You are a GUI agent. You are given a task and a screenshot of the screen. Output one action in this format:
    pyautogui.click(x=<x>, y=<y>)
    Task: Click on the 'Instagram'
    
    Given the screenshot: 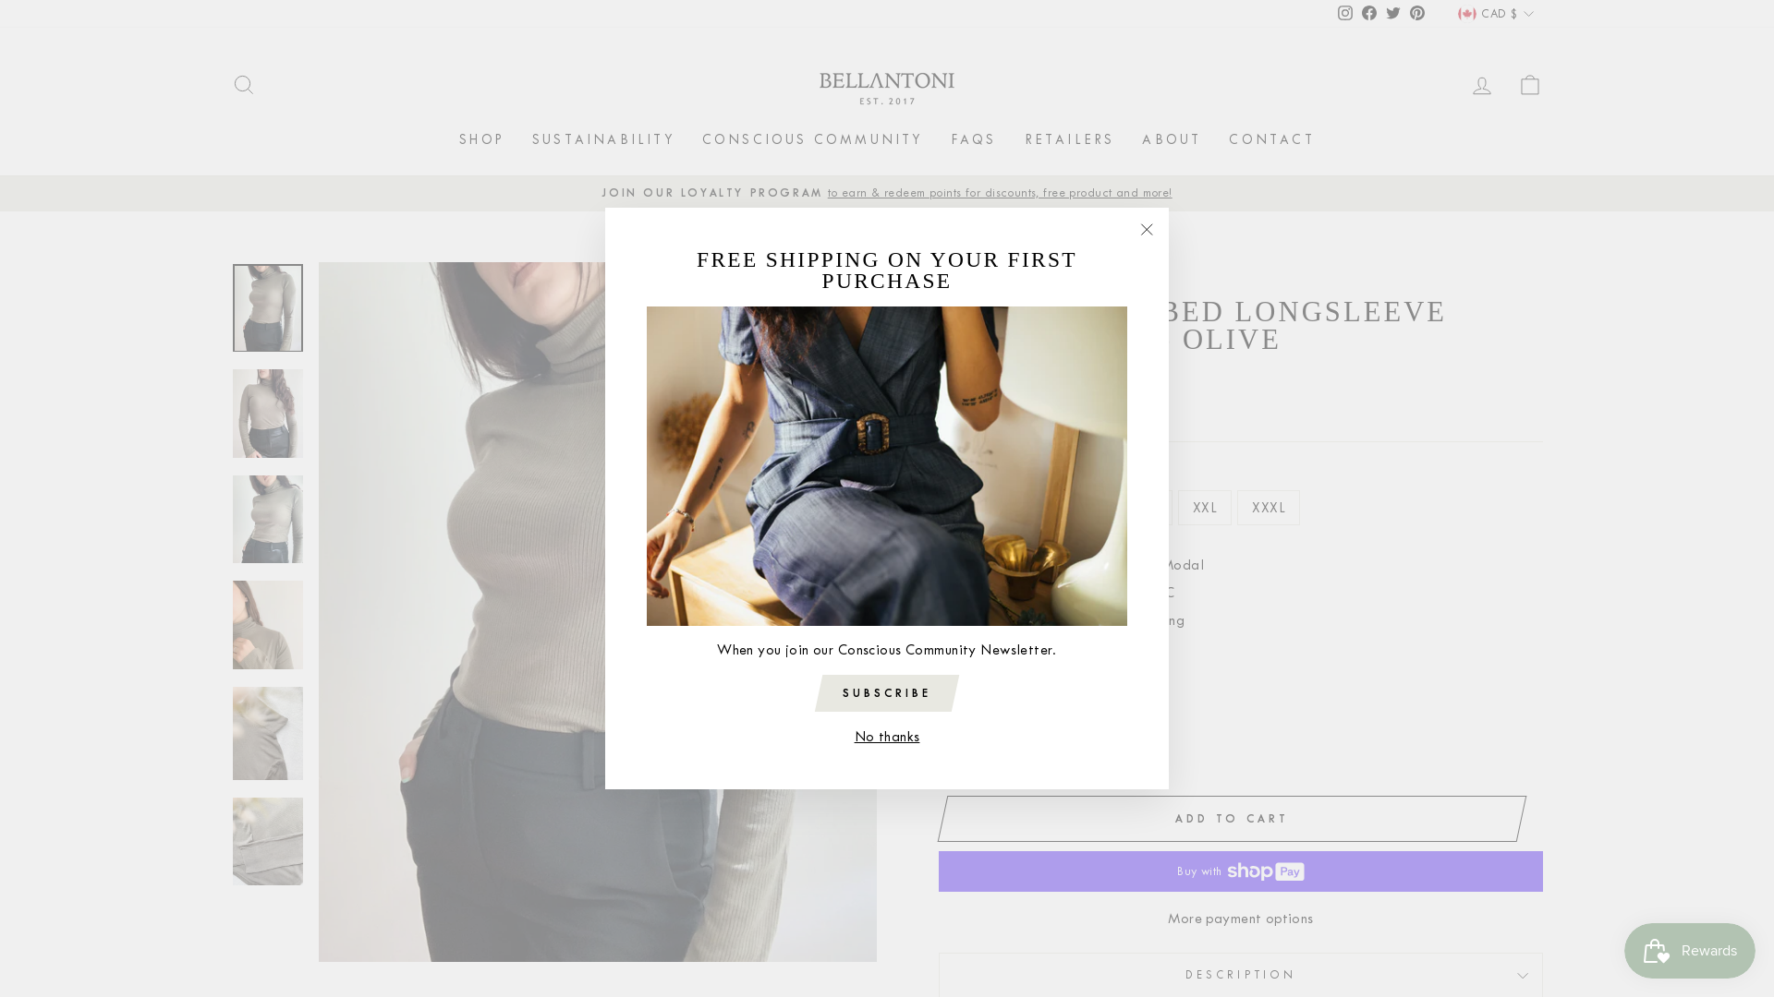 What is the action you would take?
    pyautogui.click(x=1344, y=14)
    